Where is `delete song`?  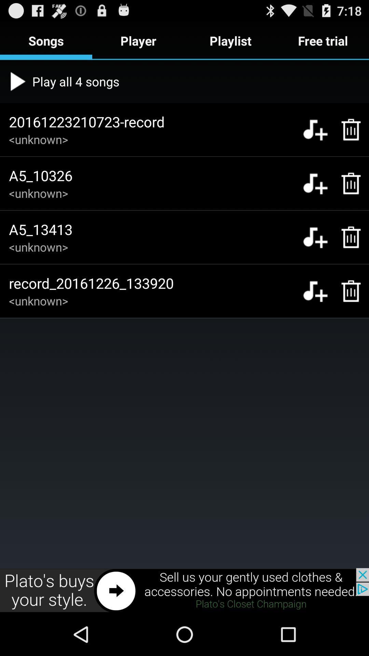 delete song is located at coordinates (347, 129).